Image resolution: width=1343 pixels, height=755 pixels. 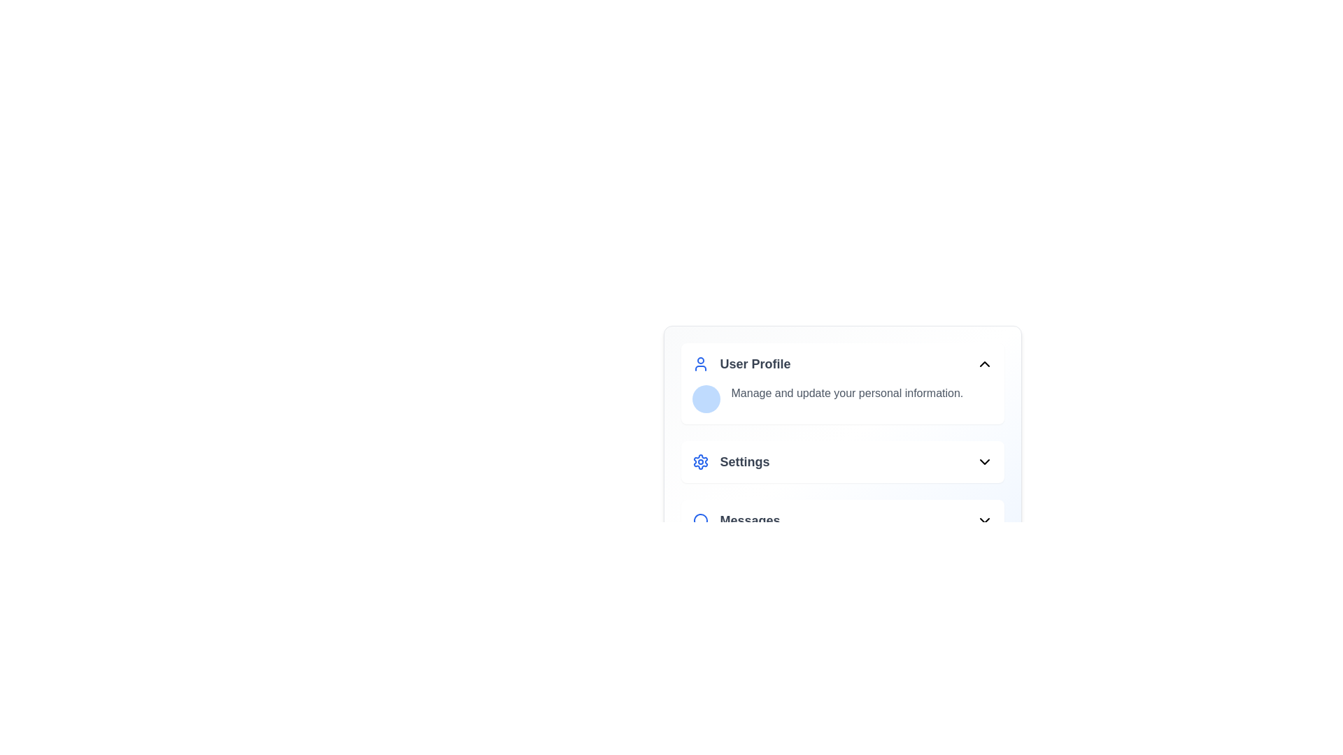 I want to click on the static text explaining the 'User Profile' section, located directly below the title of the same section, so click(x=841, y=398).